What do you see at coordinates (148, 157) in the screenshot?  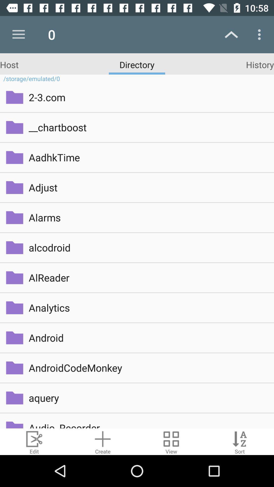 I see `aadhktime item` at bounding box center [148, 157].